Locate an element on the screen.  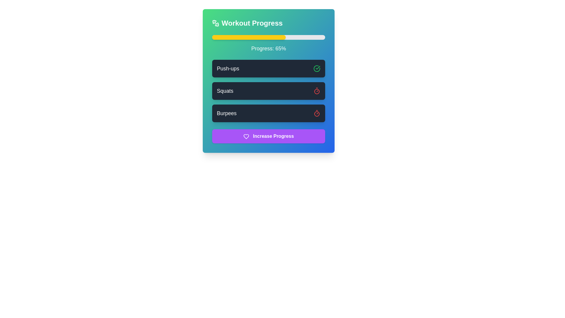
the yellow progress indicator segment that represents 65% completion of a task in the horizontal progress bar at the top of the card interface is located at coordinates (249, 37).